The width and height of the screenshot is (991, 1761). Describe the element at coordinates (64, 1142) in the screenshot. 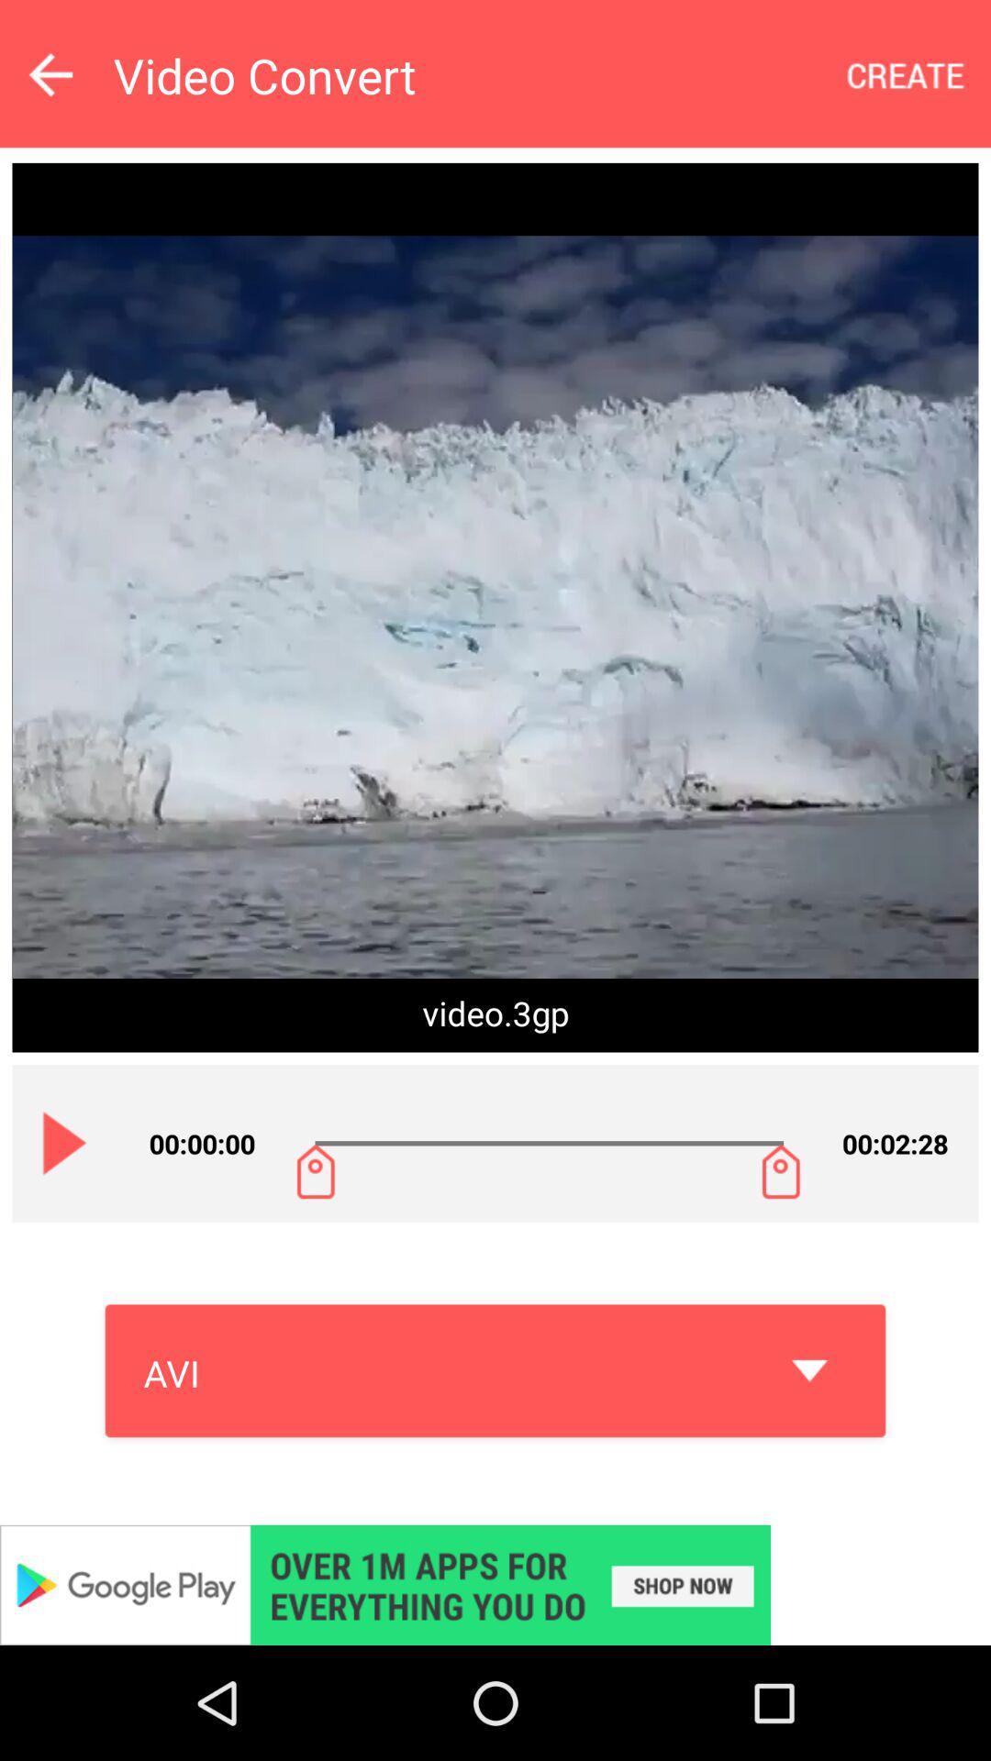

I see `the play` at that location.